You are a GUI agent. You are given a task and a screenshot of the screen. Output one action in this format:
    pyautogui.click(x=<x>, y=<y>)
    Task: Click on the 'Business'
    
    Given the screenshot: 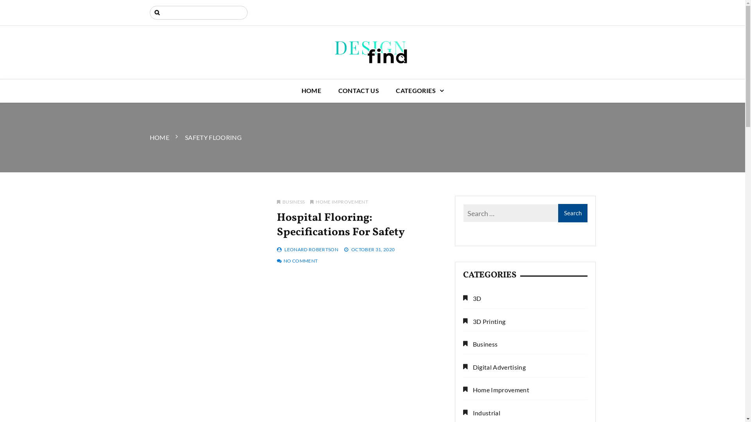 What is the action you would take?
    pyautogui.click(x=480, y=344)
    